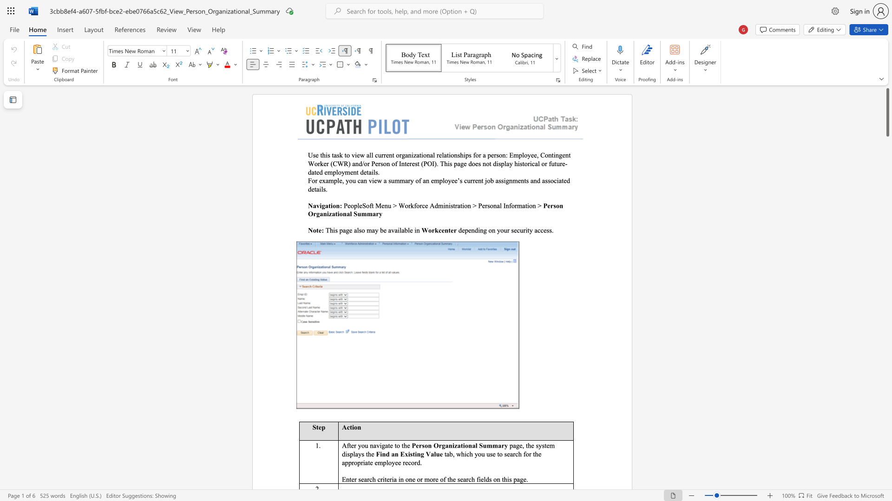 Image resolution: width=892 pixels, height=501 pixels. I want to click on the 2th character "t" in the text, so click(545, 445).